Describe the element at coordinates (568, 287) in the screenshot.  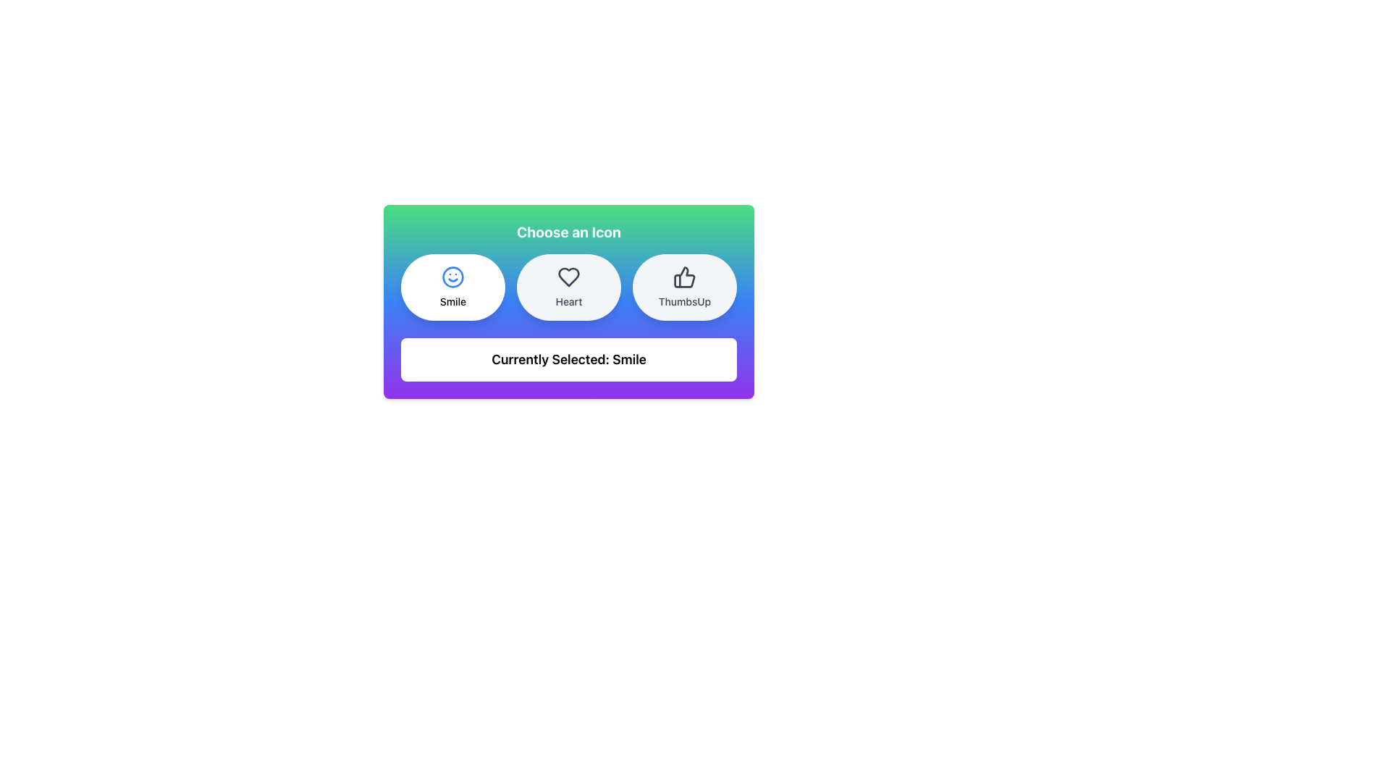
I see `the 'Heart' icon button located in the middle of a row of three circular buttons in a grid layout` at that location.